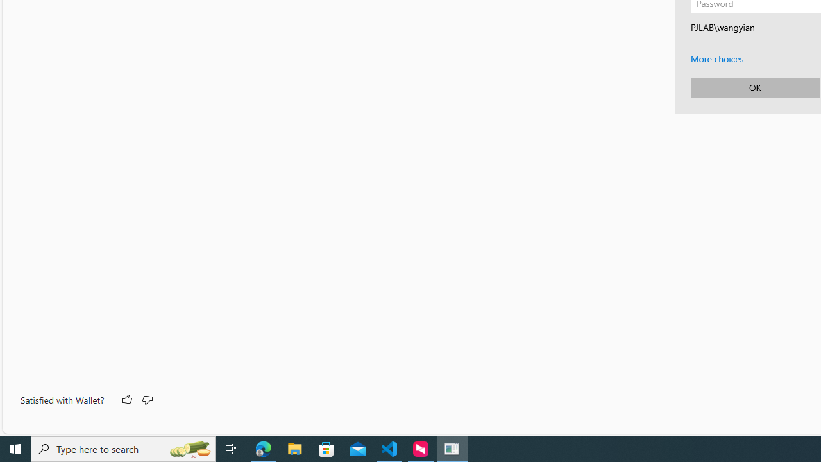 This screenshot has height=462, width=821. What do you see at coordinates (716, 58) in the screenshot?
I see `'More choices'` at bounding box center [716, 58].